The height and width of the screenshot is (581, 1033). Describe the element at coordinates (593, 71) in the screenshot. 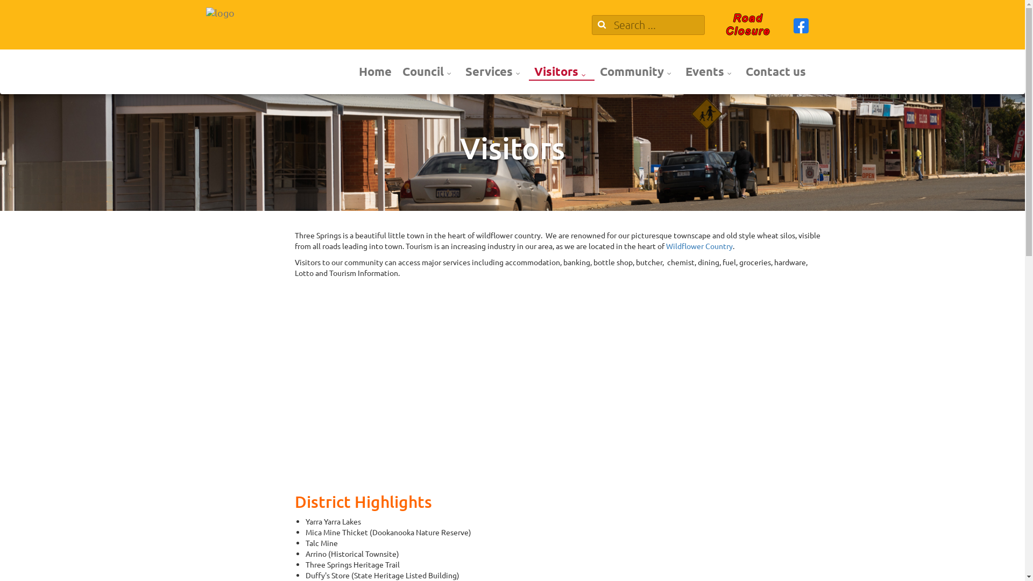

I see `'Community'` at that location.